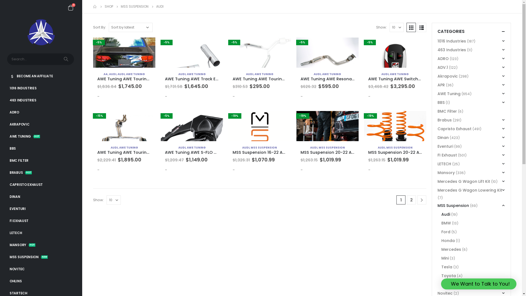  I want to click on 'DINAN', so click(8, 197).